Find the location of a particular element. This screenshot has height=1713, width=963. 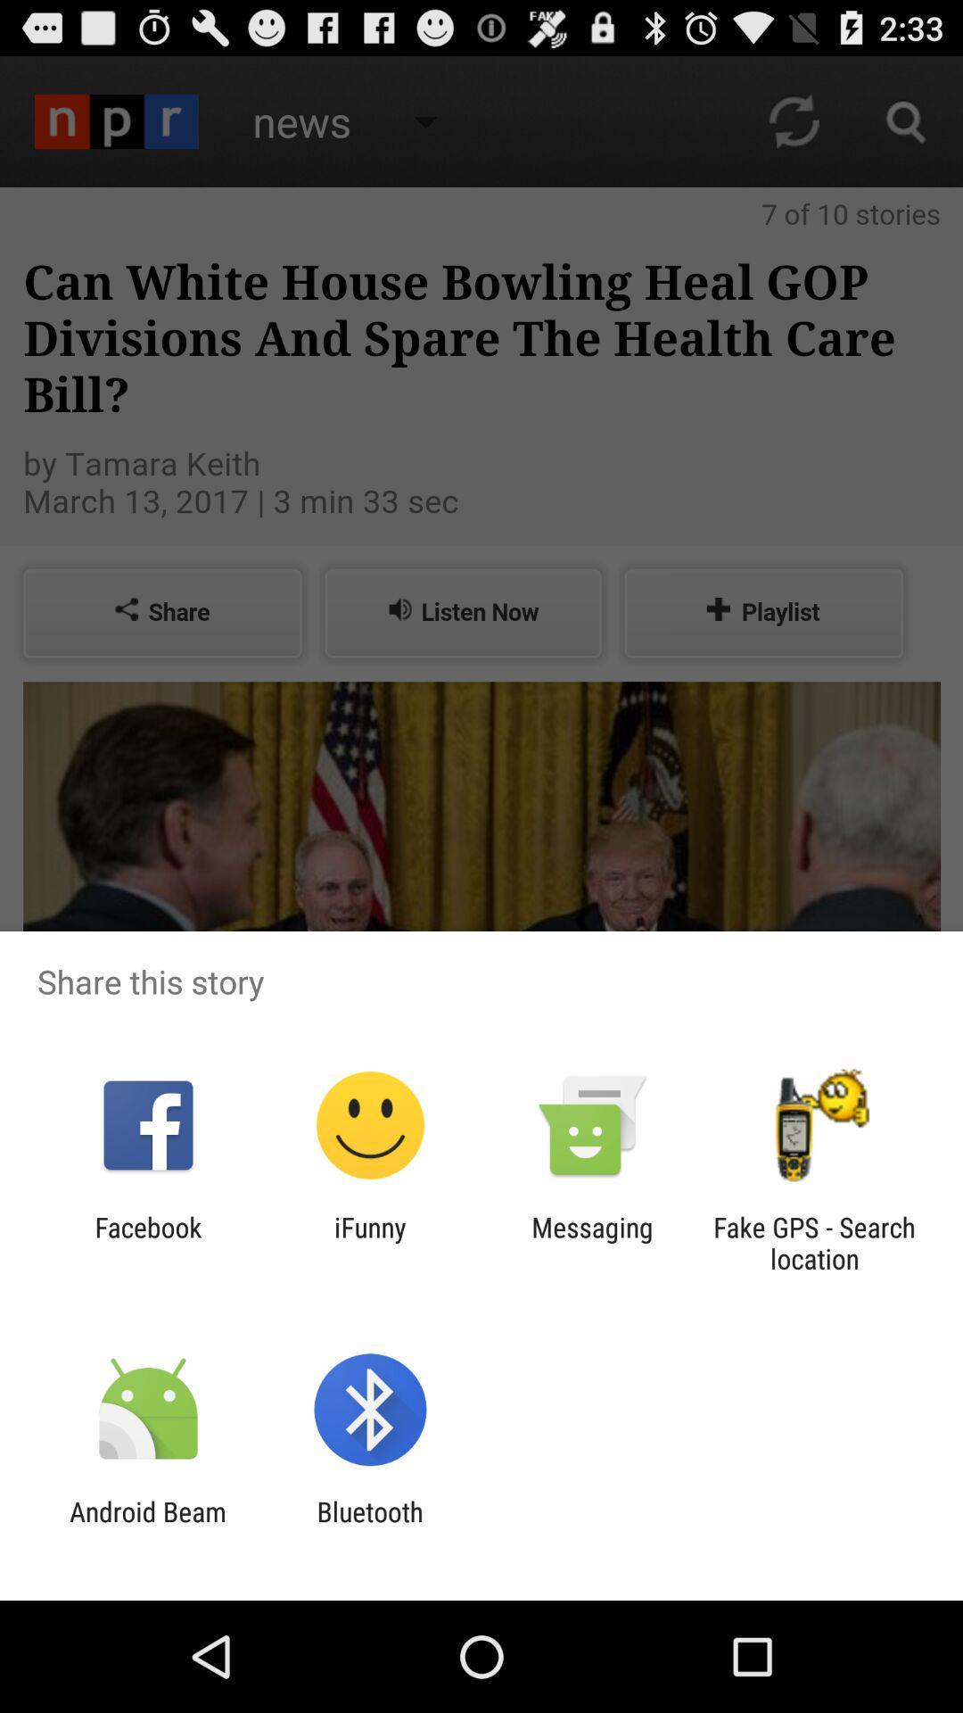

item next to the messaging app is located at coordinates (369, 1242).